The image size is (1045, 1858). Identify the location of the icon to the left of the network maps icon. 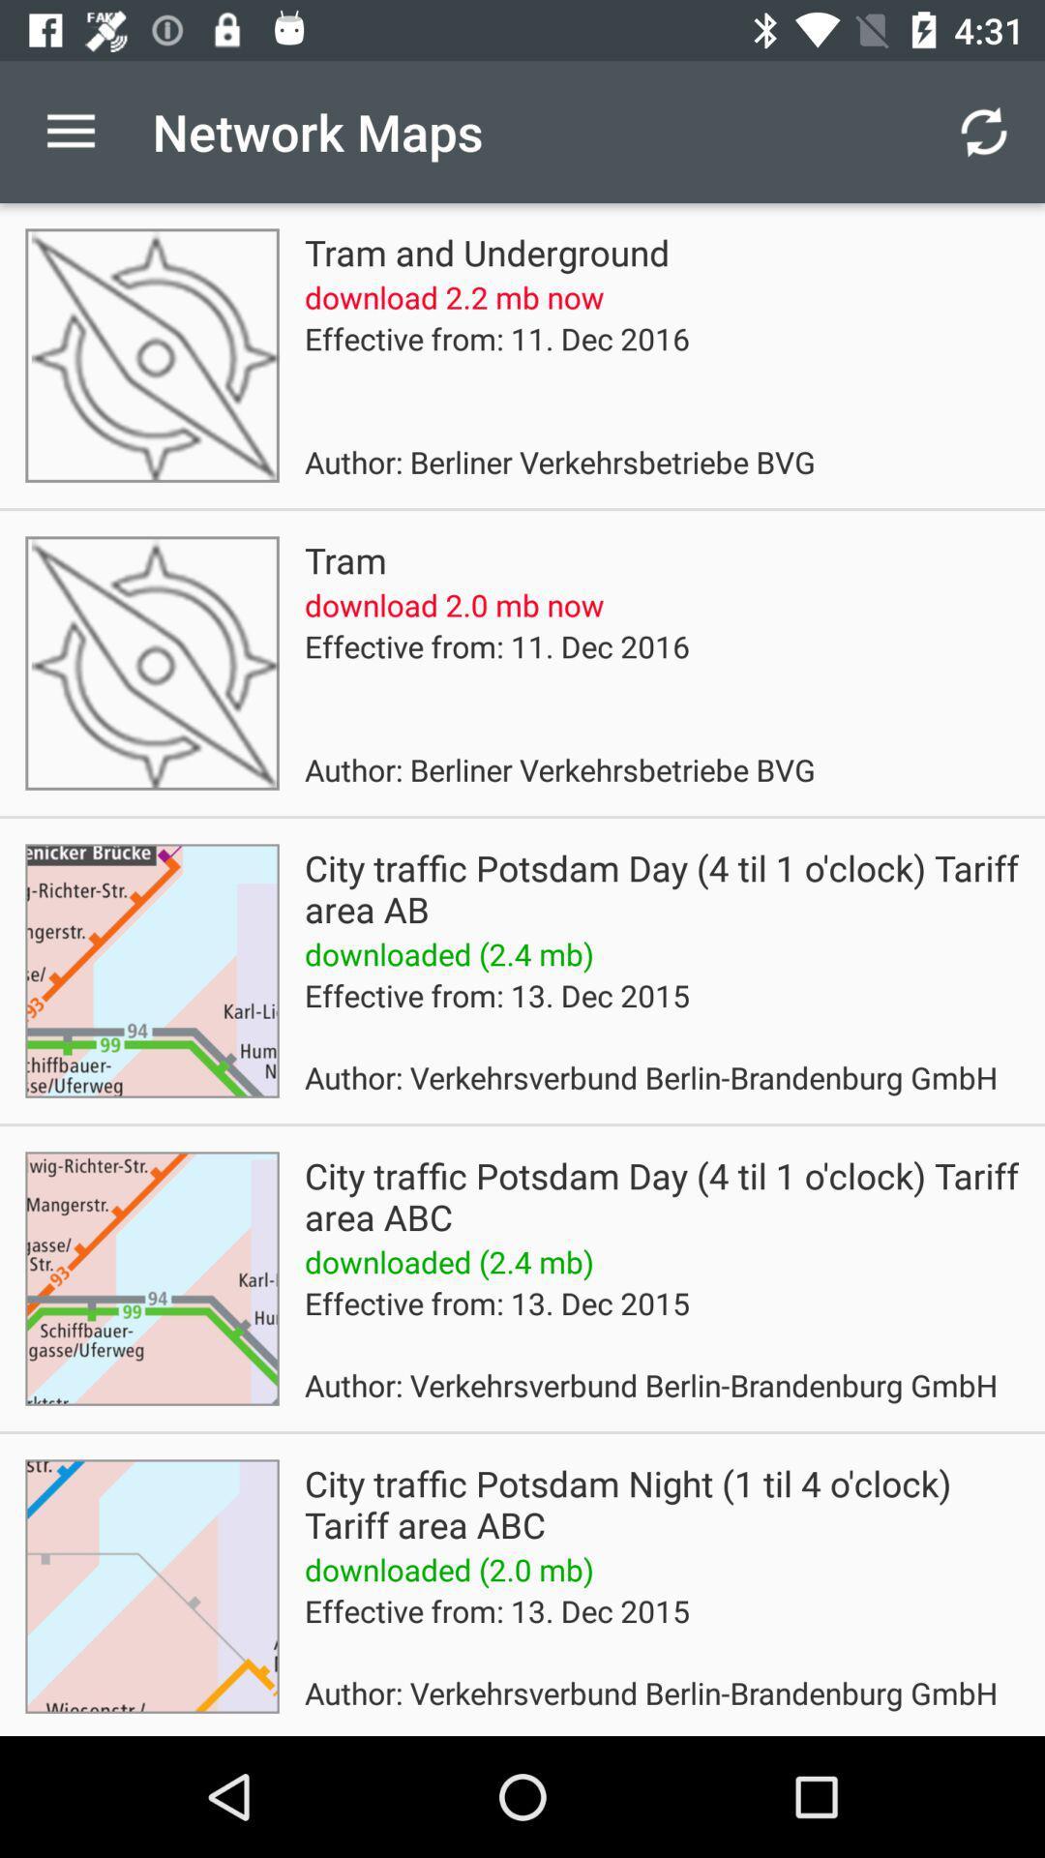
(70, 131).